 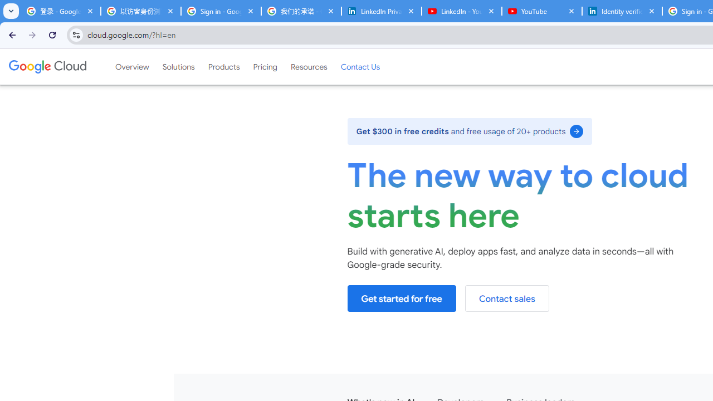 What do you see at coordinates (470, 130) in the screenshot?
I see `'Get $300 in free credits and free usage of 20+ products'` at bounding box center [470, 130].